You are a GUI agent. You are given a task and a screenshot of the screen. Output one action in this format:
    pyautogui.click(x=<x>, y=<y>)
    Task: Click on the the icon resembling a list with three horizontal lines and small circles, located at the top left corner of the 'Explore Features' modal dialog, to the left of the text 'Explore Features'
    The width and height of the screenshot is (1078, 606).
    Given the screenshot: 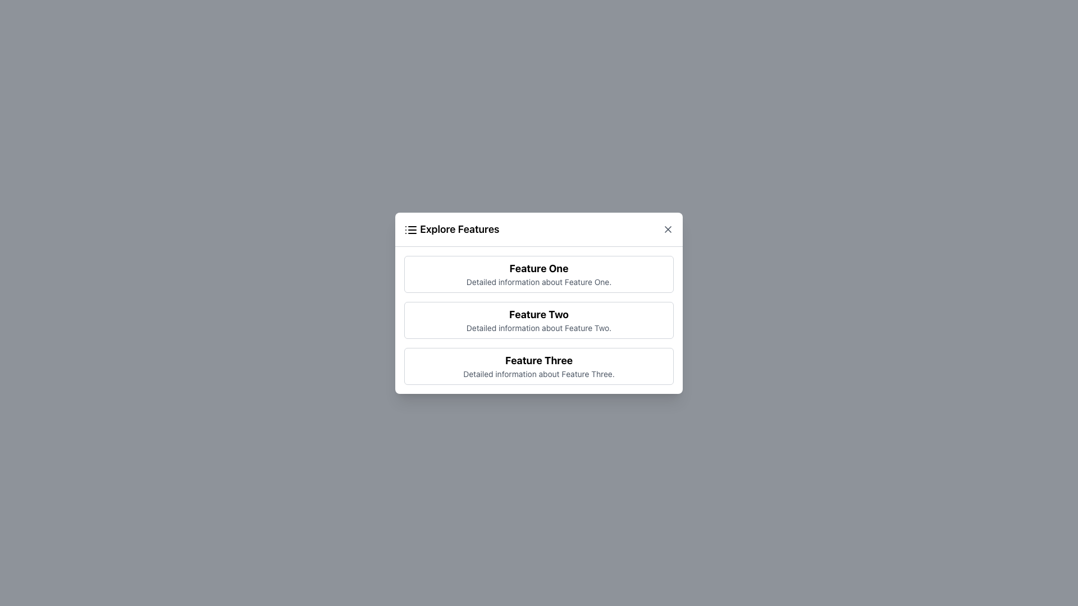 What is the action you would take?
    pyautogui.click(x=410, y=228)
    